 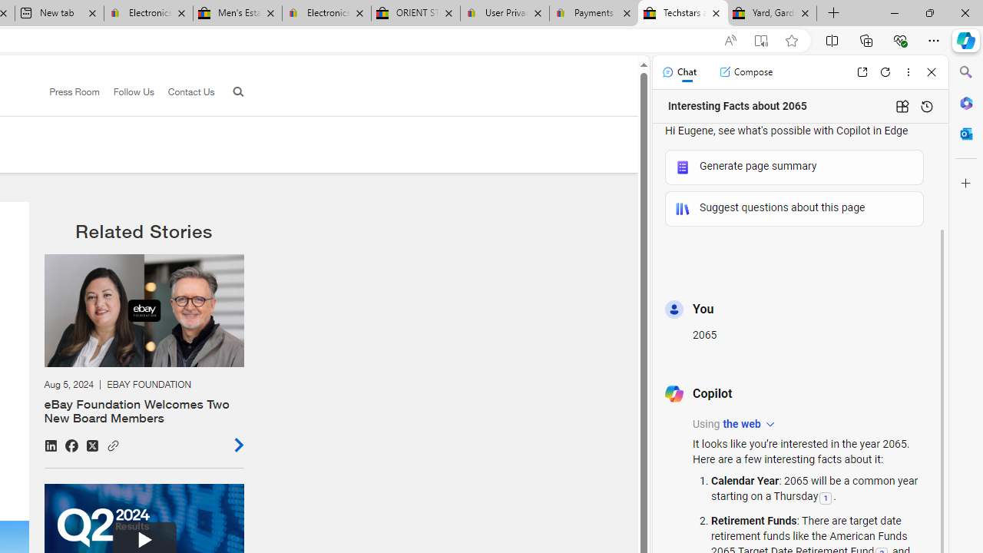 I want to click on 'Press Room', so click(x=74, y=91).